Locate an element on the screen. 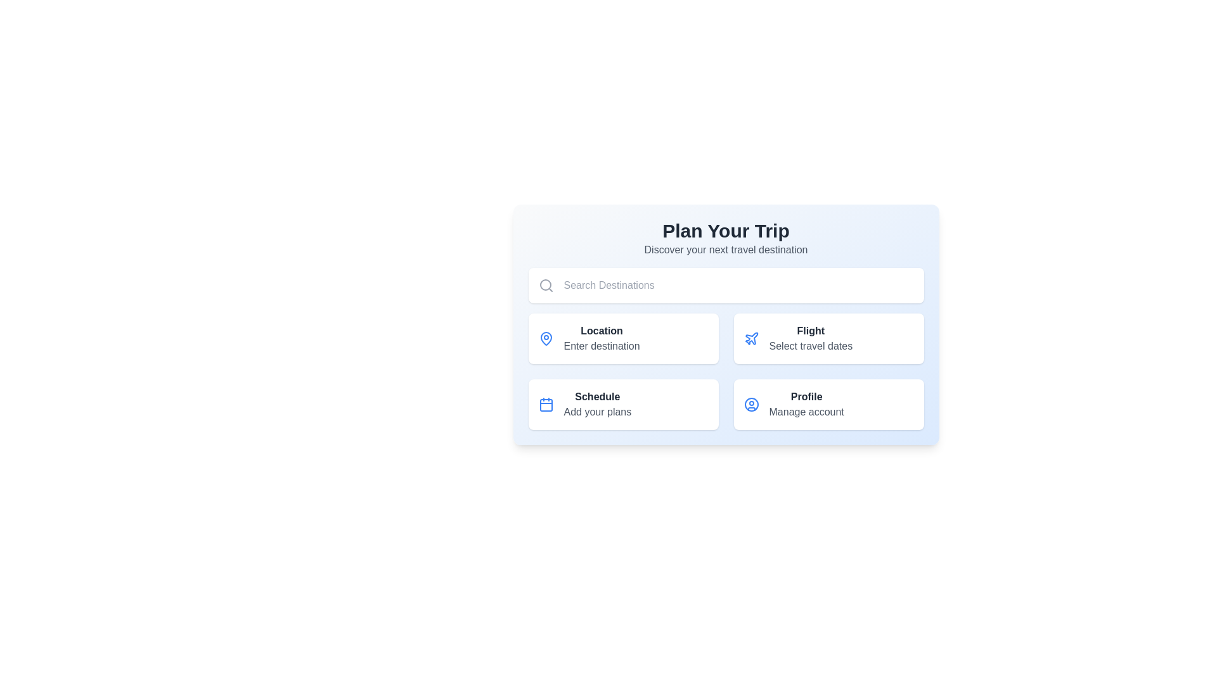  the text fields for input in the Information panel that displays 'Location' in bold and 'Enter destination' in a lighter font, located at the top left card in the grid is located at coordinates (601, 338).